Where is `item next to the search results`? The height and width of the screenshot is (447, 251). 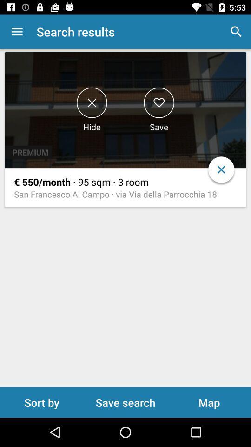 item next to the search results is located at coordinates (17, 32).